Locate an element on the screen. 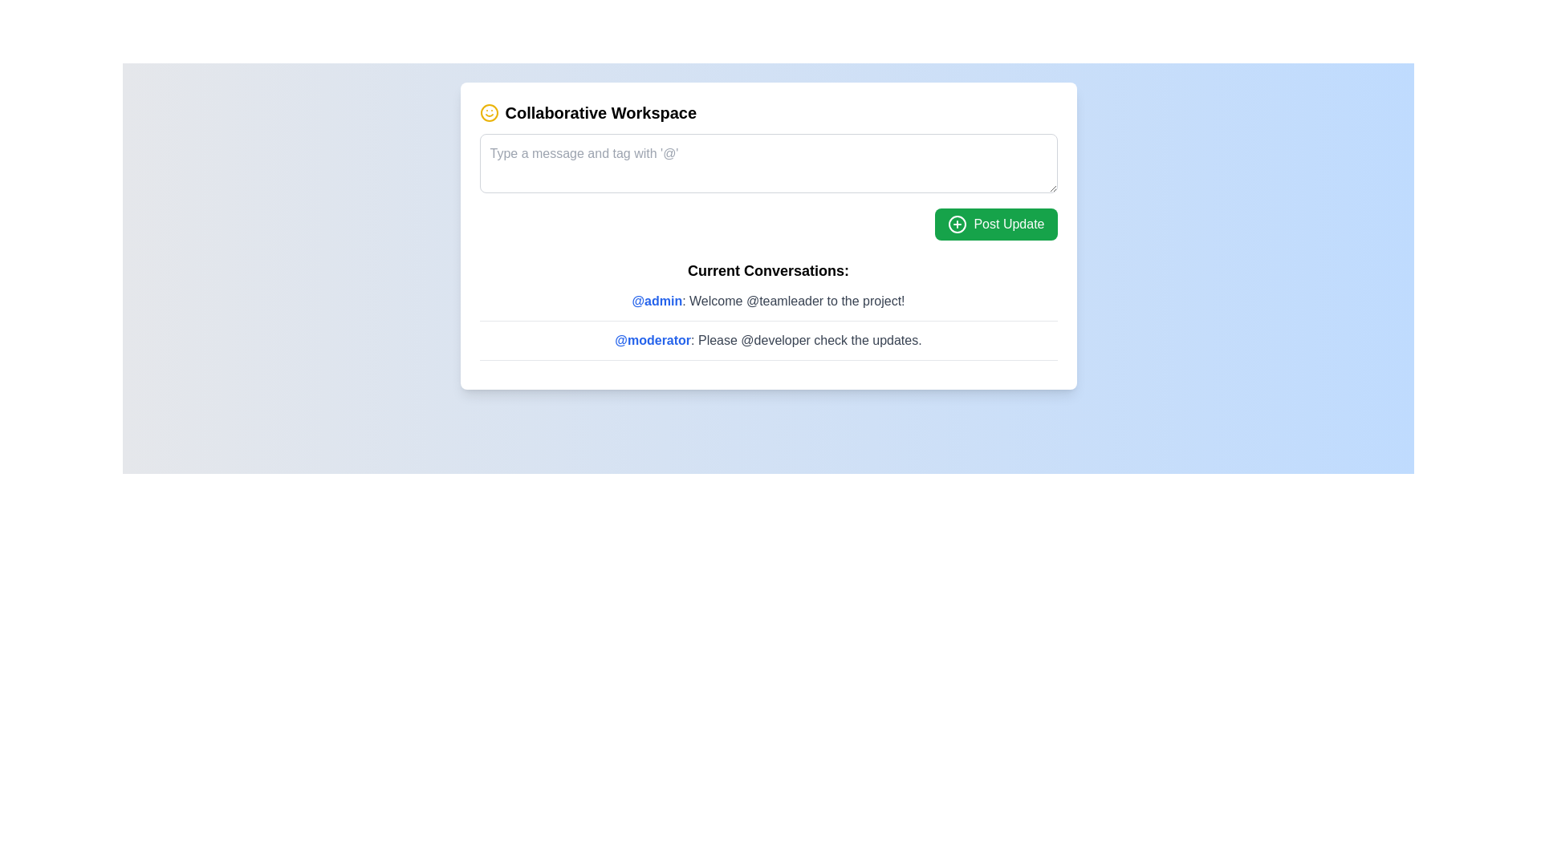 This screenshot has height=866, width=1541. the text label that mentions @moderator in blue and bold, followed by the message 'Please @developer check the updates.' is located at coordinates (767, 339).